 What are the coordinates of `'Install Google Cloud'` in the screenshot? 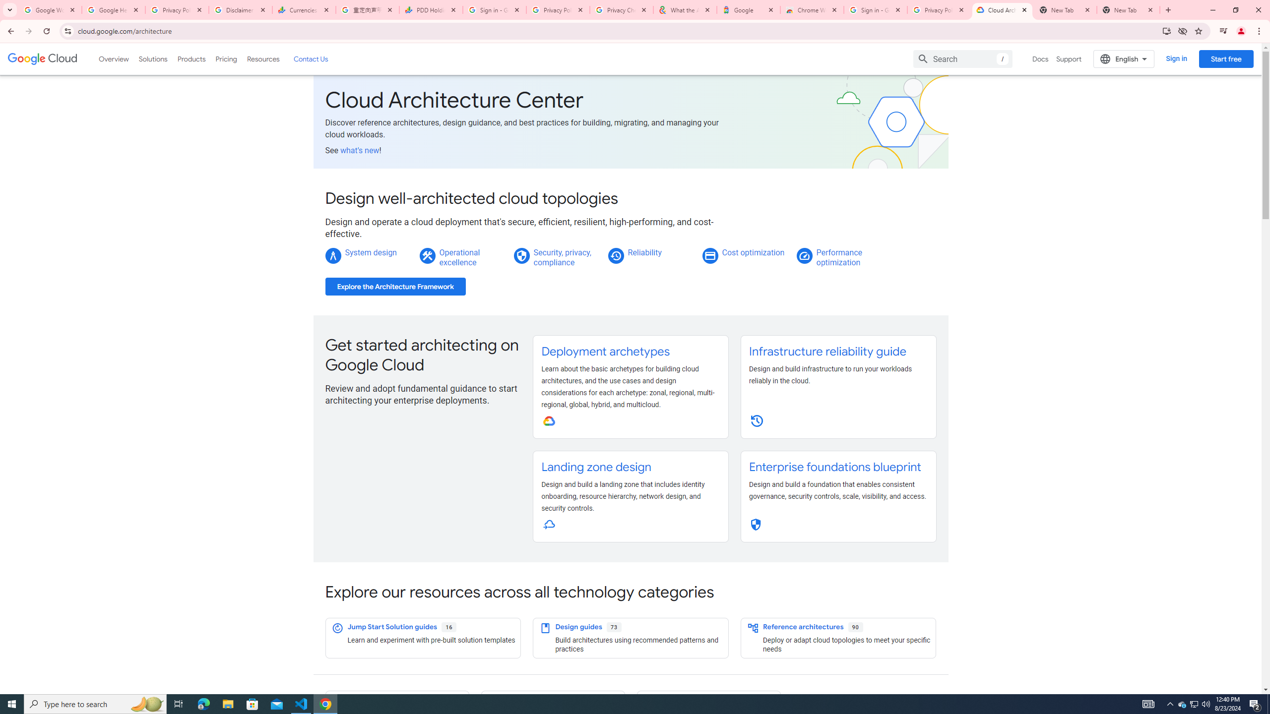 It's located at (1166, 30).